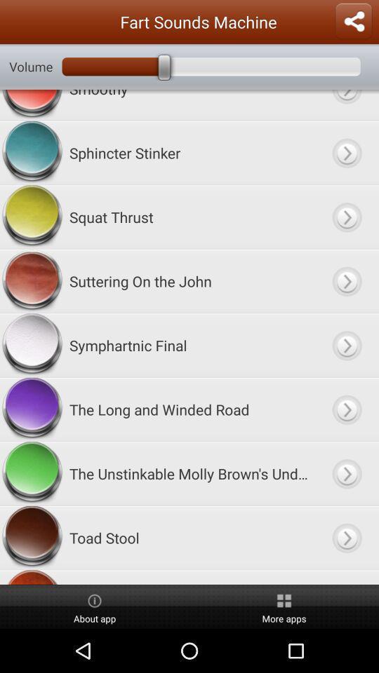  What do you see at coordinates (346, 344) in the screenshot?
I see `open symphartnic final tab` at bounding box center [346, 344].